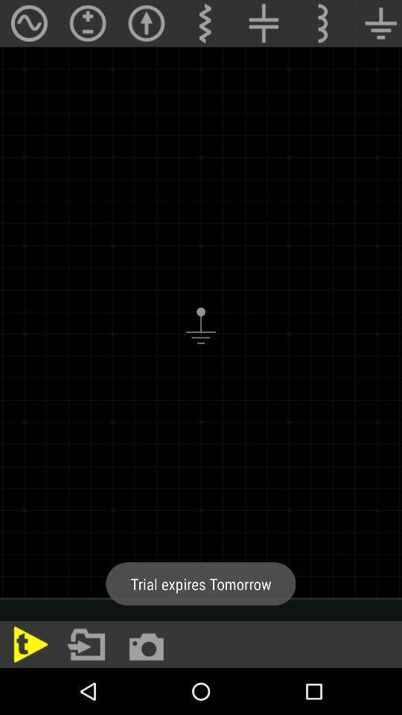  I want to click on the filter_list icon, so click(376, 24).